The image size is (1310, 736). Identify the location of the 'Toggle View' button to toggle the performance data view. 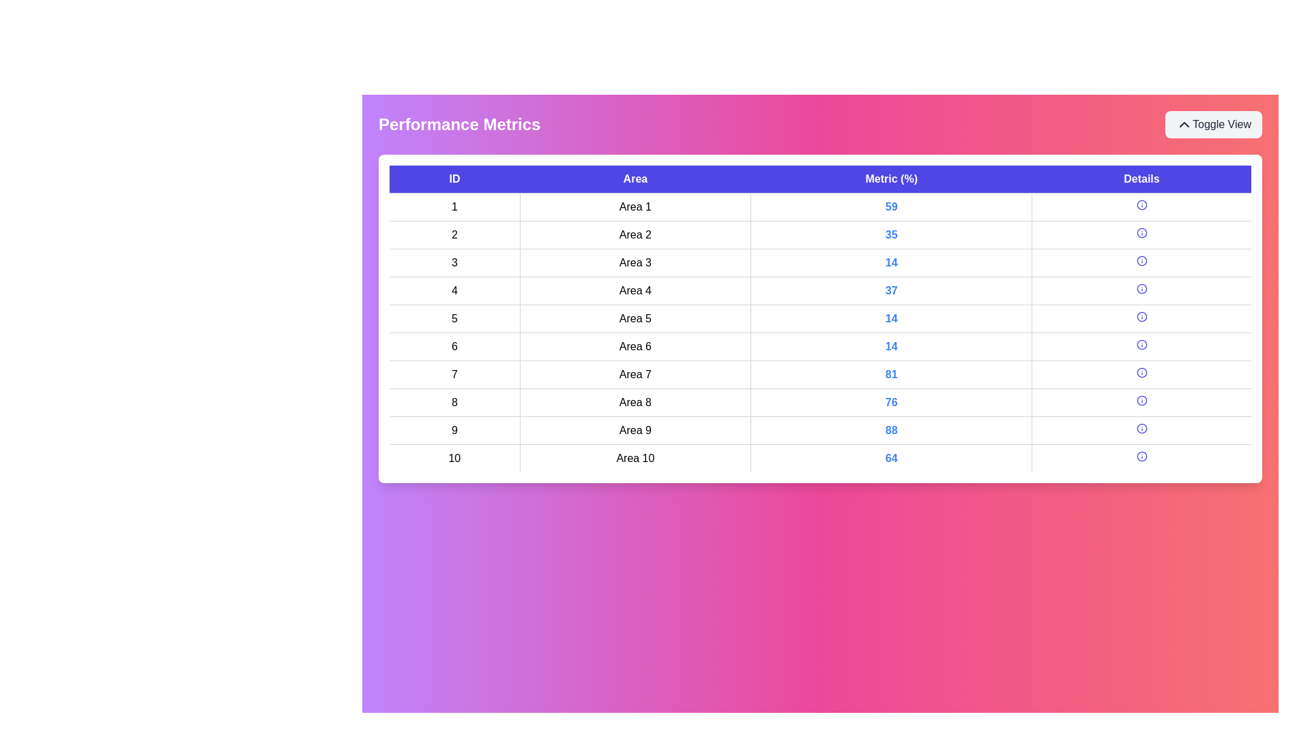
(1214, 124).